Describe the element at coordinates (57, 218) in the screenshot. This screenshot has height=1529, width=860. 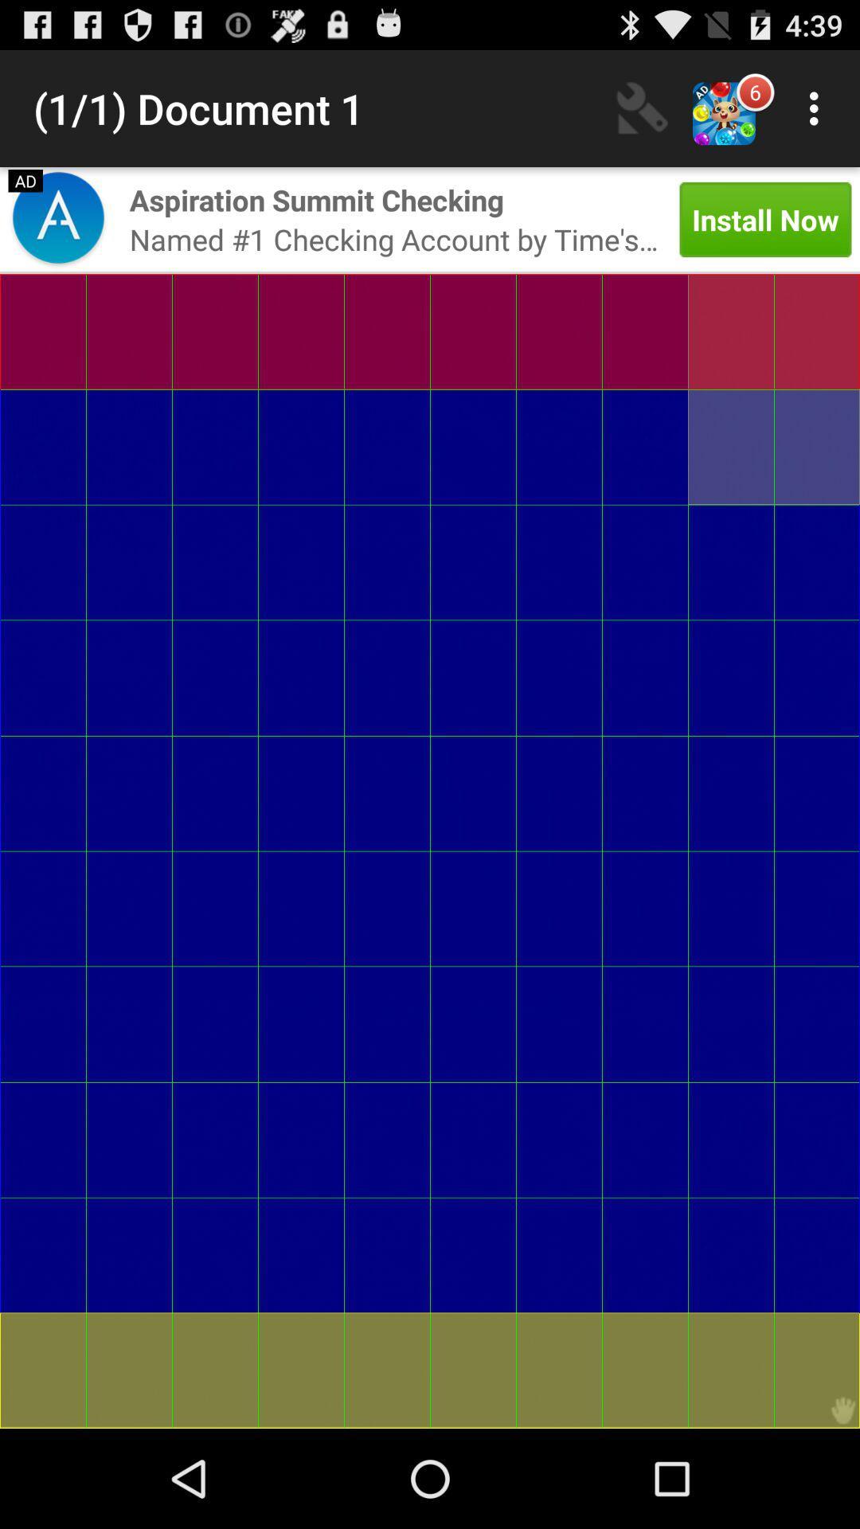
I see `open advertisement` at that location.